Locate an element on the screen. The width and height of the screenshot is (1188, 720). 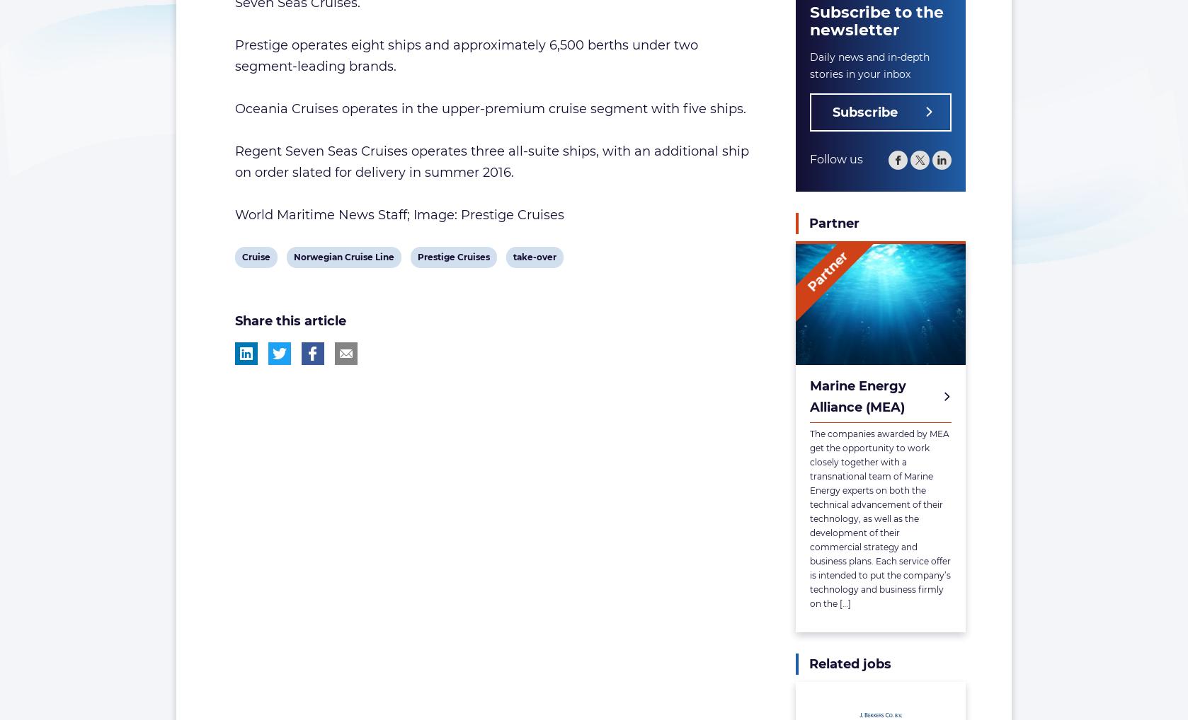
'Oceania Cruises operates in the upper-premium cruise segment with five ships.' is located at coordinates (489, 109).